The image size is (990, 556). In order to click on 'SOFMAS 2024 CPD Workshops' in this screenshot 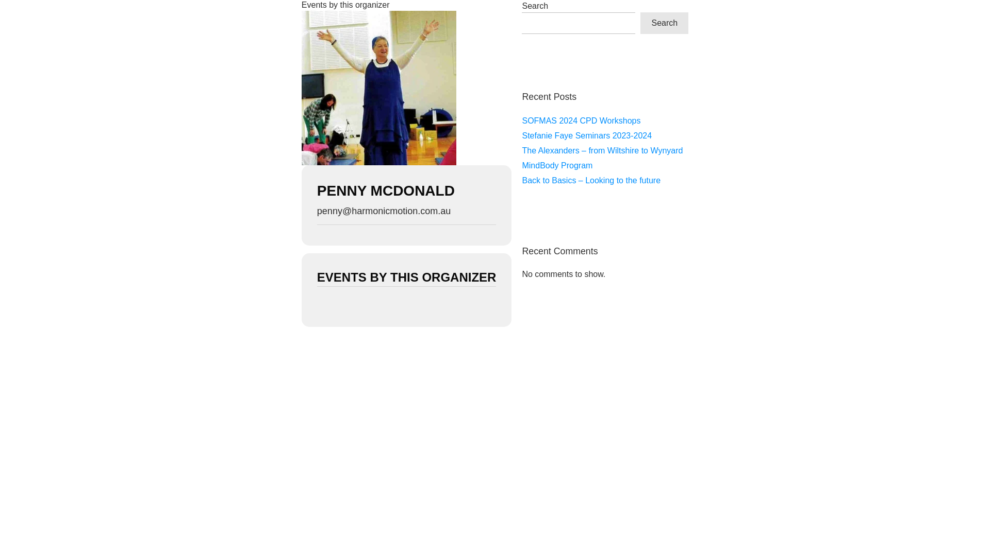, I will do `click(581, 120)`.